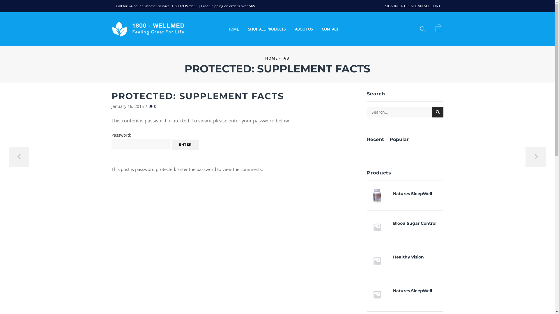  Describe the element at coordinates (380, 261) in the screenshot. I see `'Healthy Vision'` at that location.